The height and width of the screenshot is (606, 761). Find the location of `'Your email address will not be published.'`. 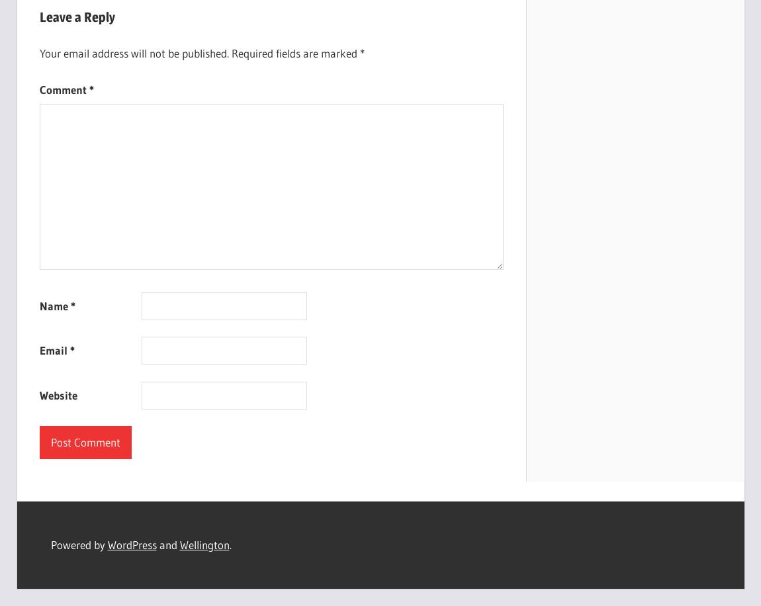

'Your email address will not be published.' is located at coordinates (133, 52).